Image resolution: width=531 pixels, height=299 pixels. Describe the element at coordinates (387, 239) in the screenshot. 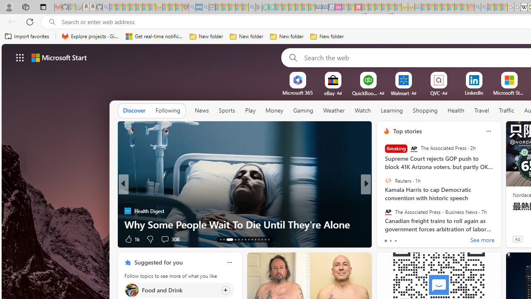

I see `'73 Like'` at that location.